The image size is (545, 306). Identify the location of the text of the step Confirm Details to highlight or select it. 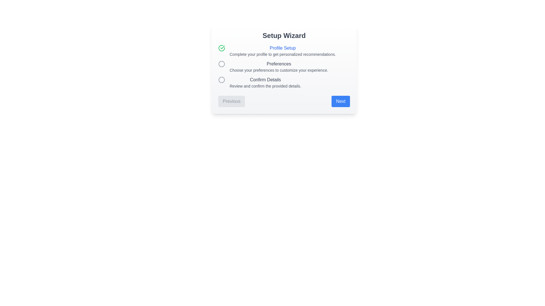
(265, 80).